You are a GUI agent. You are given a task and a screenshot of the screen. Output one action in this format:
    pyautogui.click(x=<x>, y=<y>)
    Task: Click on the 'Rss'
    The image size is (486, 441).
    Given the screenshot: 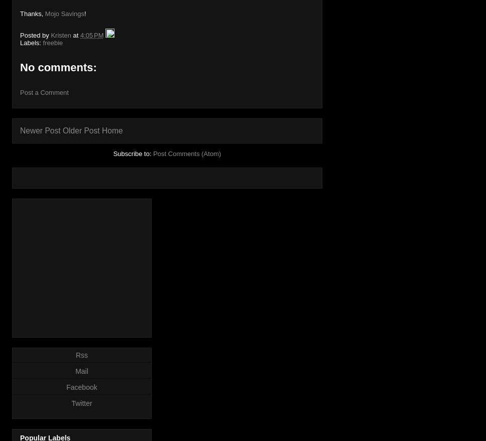 What is the action you would take?
    pyautogui.click(x=81, y=355)
    